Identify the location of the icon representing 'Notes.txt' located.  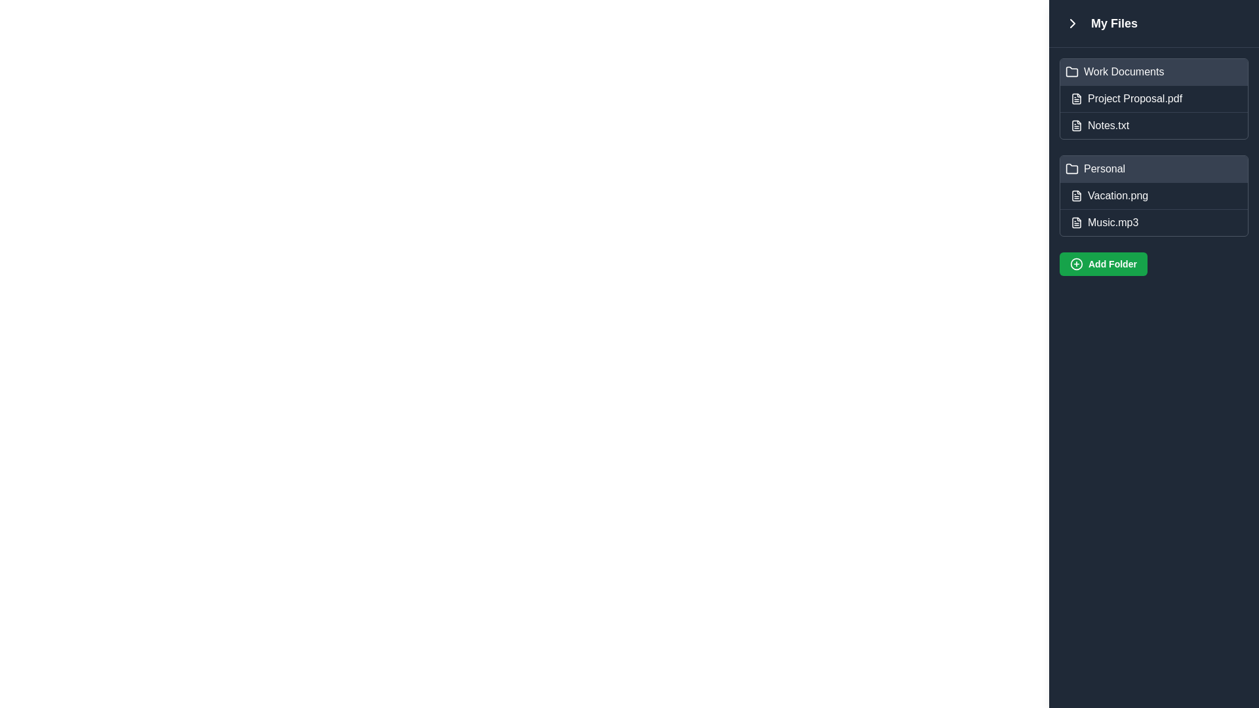
(1076, 126).